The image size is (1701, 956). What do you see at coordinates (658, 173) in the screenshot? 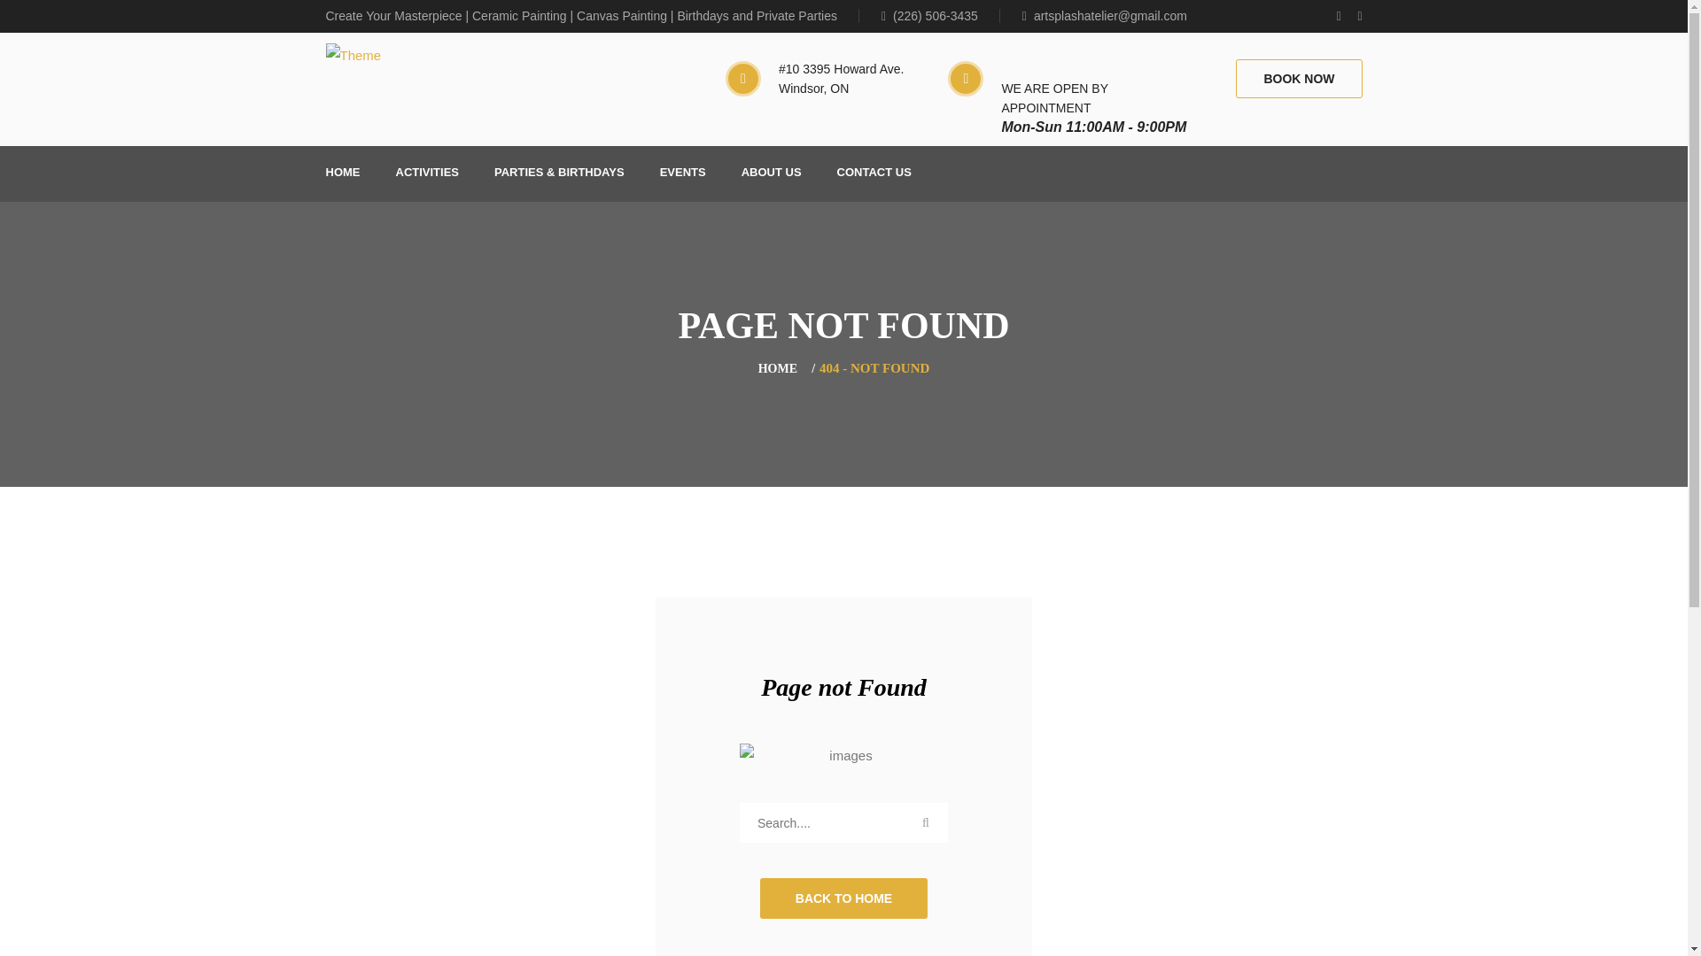
I see `'EVENTS'` at bounding box center [658, 173].